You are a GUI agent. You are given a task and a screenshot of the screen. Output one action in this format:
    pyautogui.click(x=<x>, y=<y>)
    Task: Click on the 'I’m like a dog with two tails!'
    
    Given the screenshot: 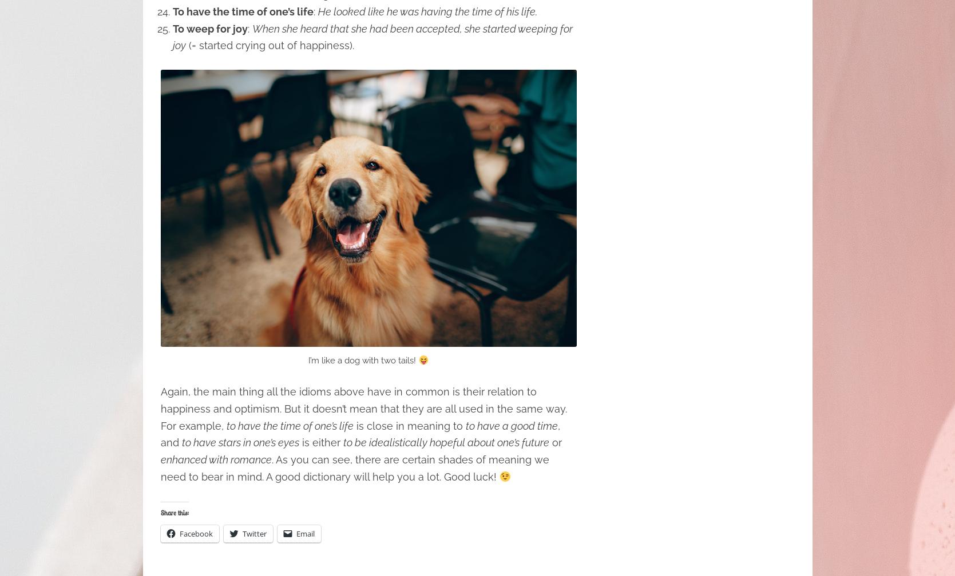 What is the action you would take?
    pyautogui.click(x=307, y=361)
    